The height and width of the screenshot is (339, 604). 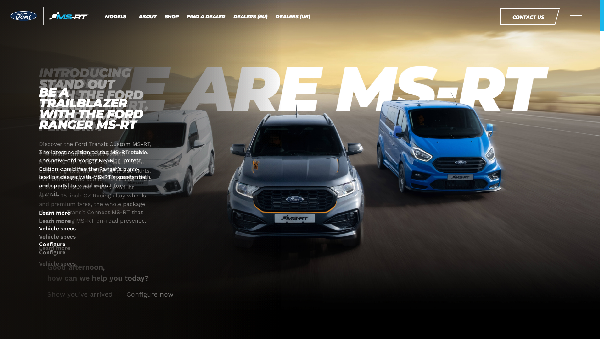 What do you see at coordinates (204, 16) in the screenshot?
I see `'FIND A DEALER'` at bounding box center [204, 16].